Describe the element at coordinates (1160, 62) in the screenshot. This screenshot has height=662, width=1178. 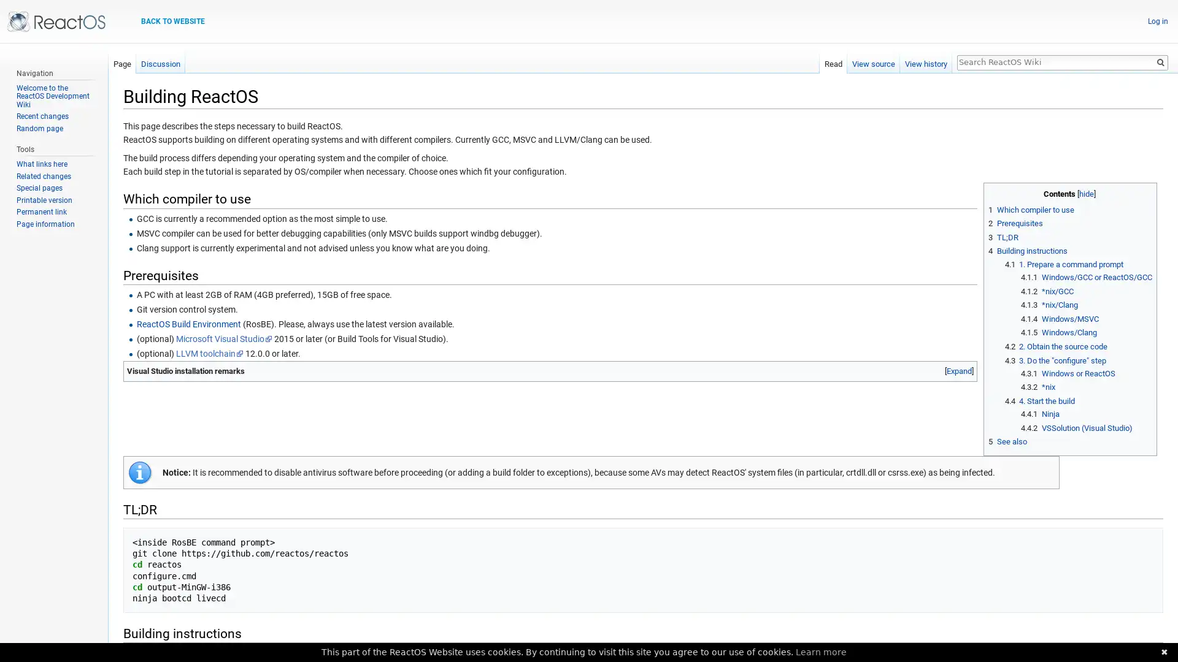
I see `Go` at that location.